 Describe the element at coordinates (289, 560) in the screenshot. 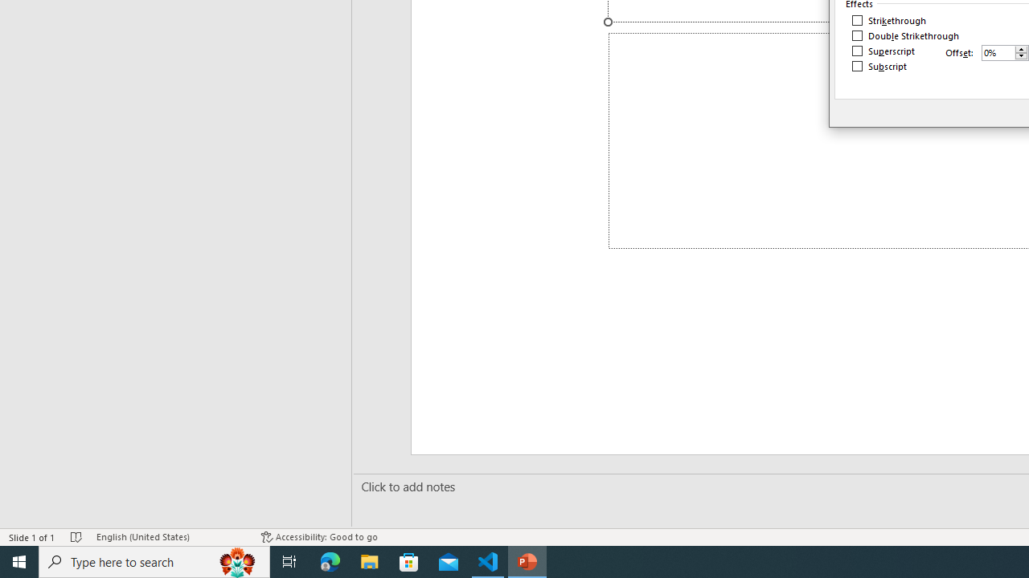

I see `'Task View'` at that location.